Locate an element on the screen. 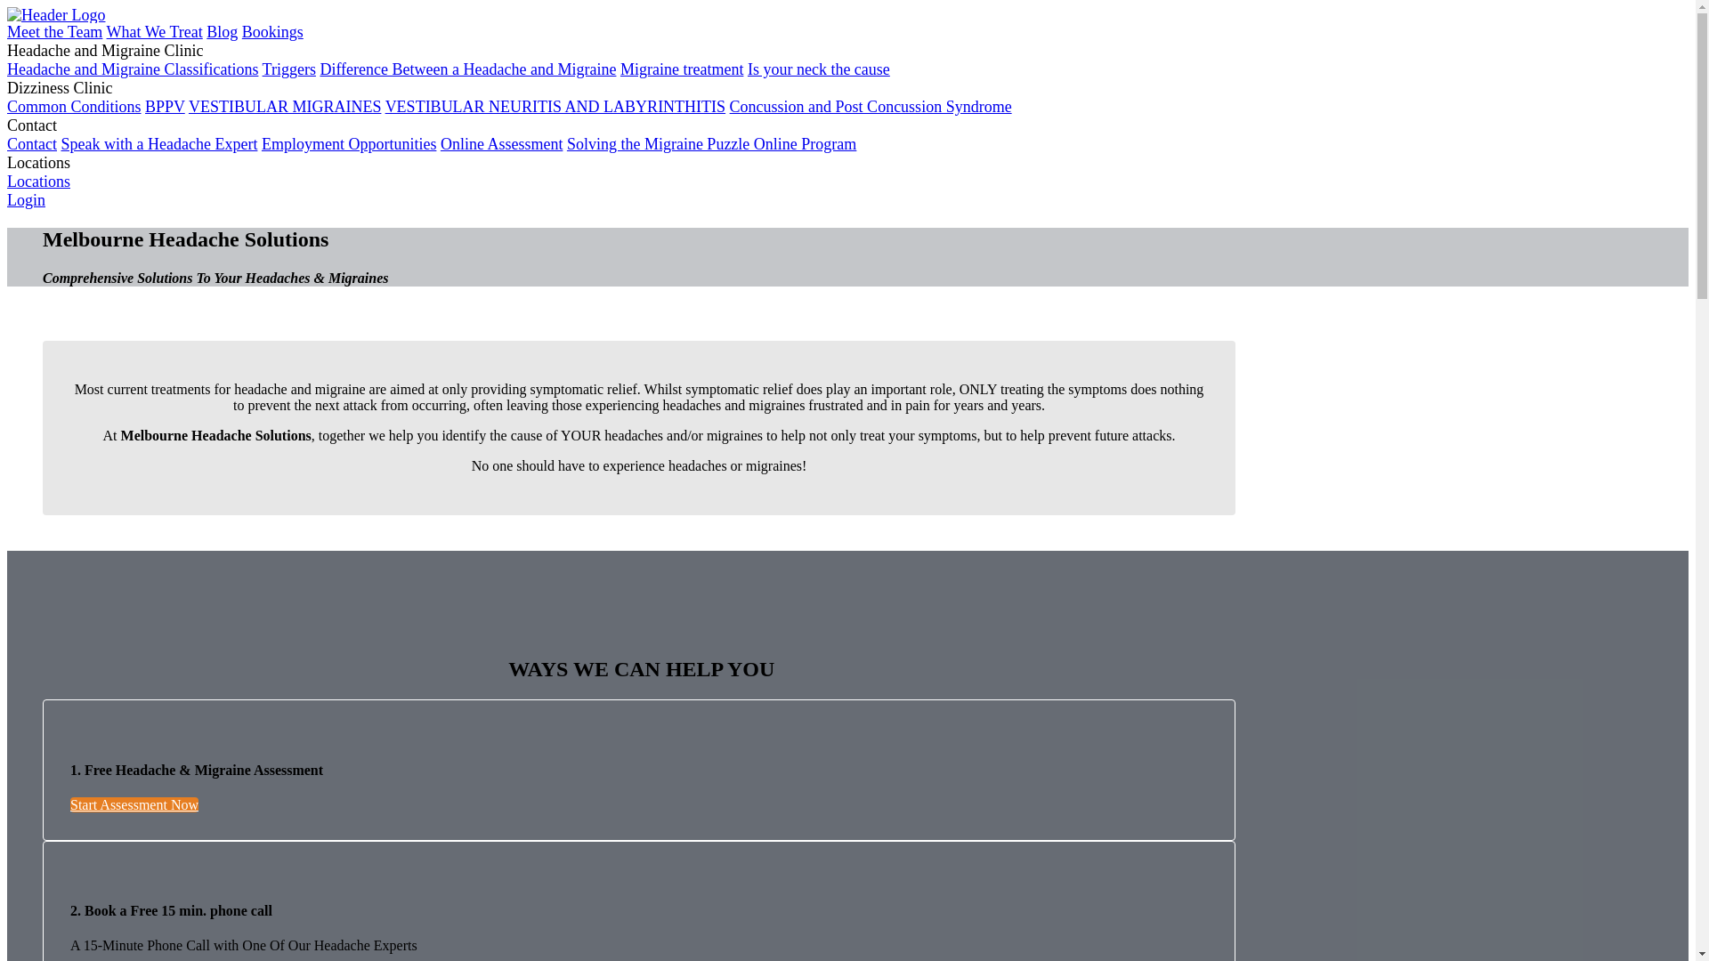 The image size is (1709, 961). 'Headache and Migraine Clinic' is located at coordinates (104, 50).